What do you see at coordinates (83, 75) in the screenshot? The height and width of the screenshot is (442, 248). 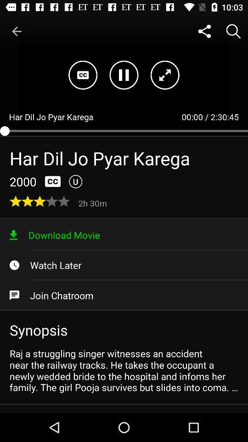 I see `the wallpaper icon` at bounding box center [83, 75].